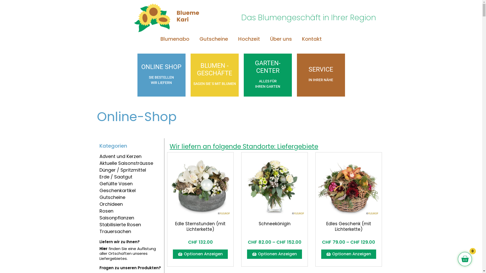 This screenshot has height=273, width=486. I want to click on 'Orchideen', so click(110, 204).